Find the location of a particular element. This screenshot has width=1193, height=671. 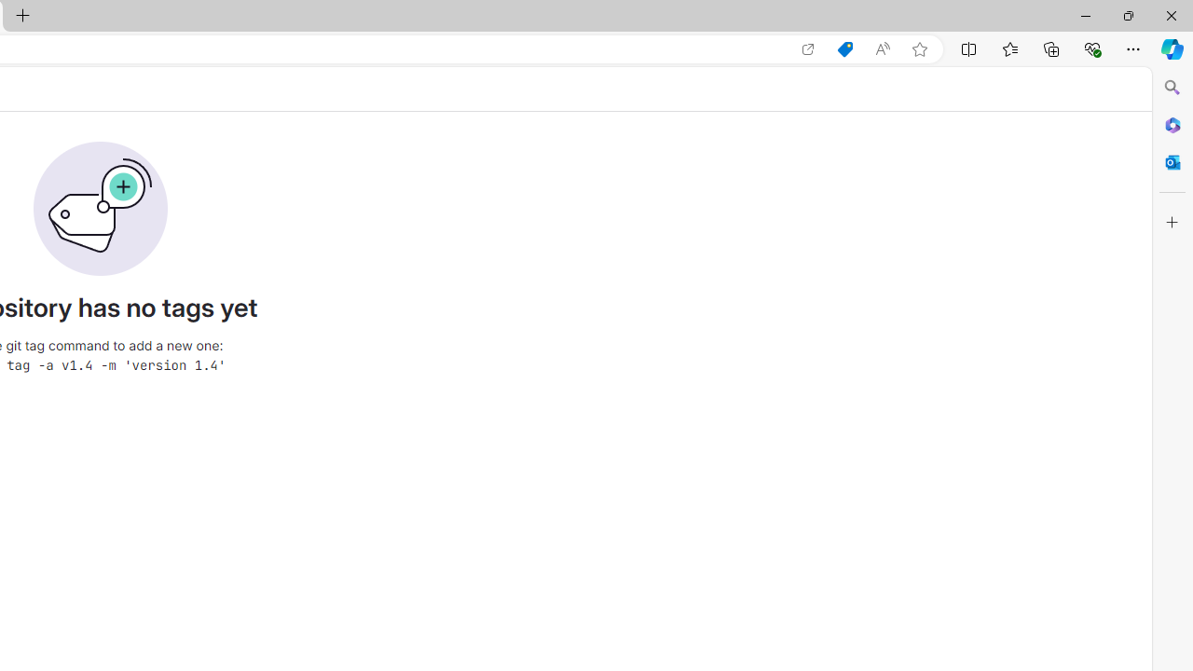

'Customize' is located at coordinates (1172, 222).